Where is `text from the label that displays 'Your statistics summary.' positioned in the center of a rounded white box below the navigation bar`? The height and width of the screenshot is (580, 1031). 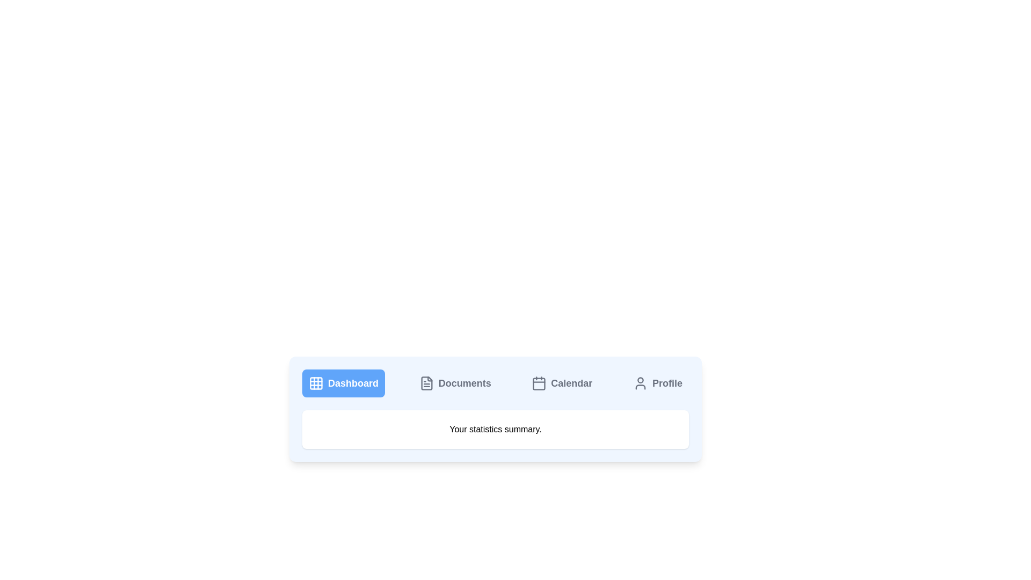 text from the label that displays 'Your statistics summary.' positioned in the center of a rounded white box below the navigation bar is located at coordinates (495, 429).